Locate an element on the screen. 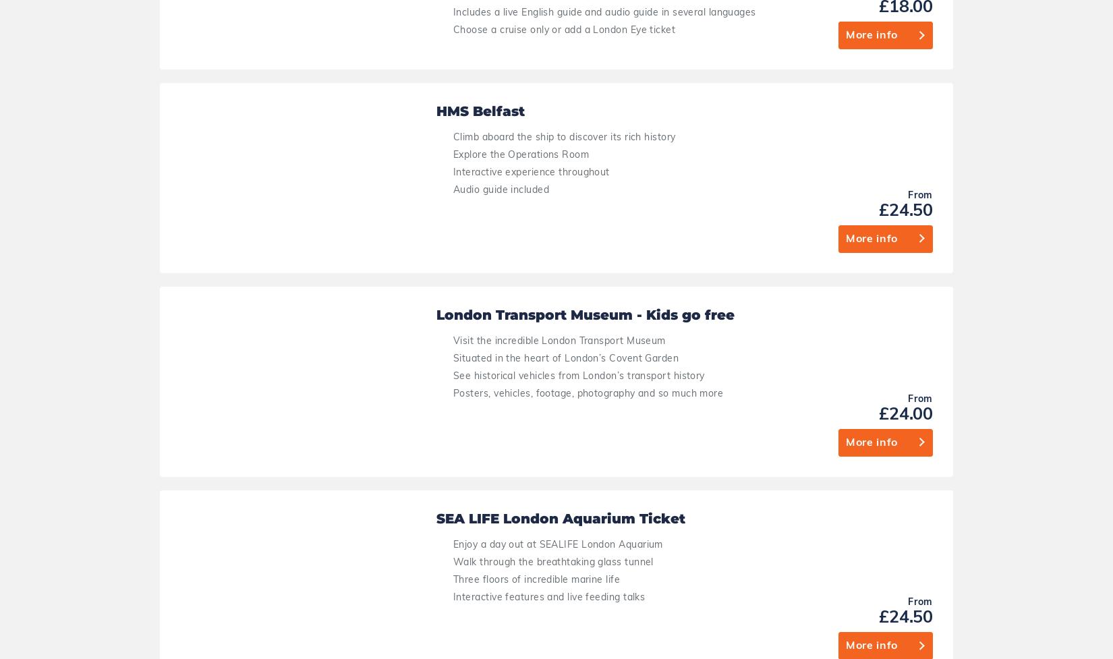 The width and height of the screenshot is (1113, 659). 'Immersive experience with live actors' is located at coordinates (539, 337).